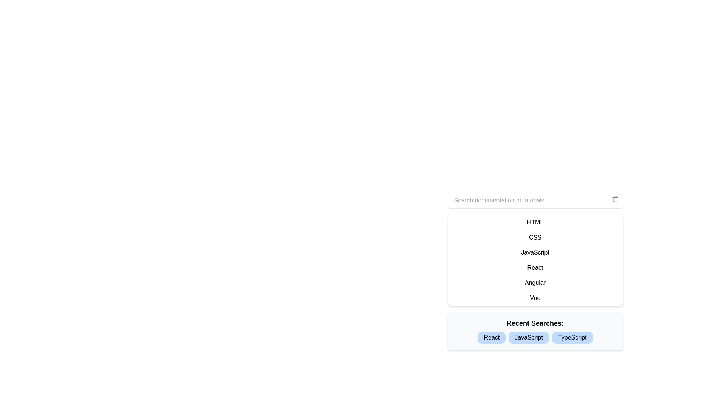 Image resolution: width=726 pixels, height=408 pixels. Describe the element at coordinates (535, 222) in the screenshot. I see `the first selectable item in the vertical list of programming languages (HTML)` at that location.